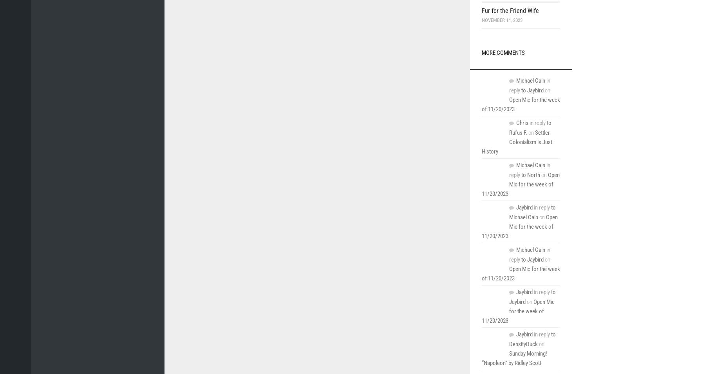 The width and height of the screenshot is (705, 374). Describe the element at coordinates (503, 52) in the screenshot. I see `'More Comments'` at that location.